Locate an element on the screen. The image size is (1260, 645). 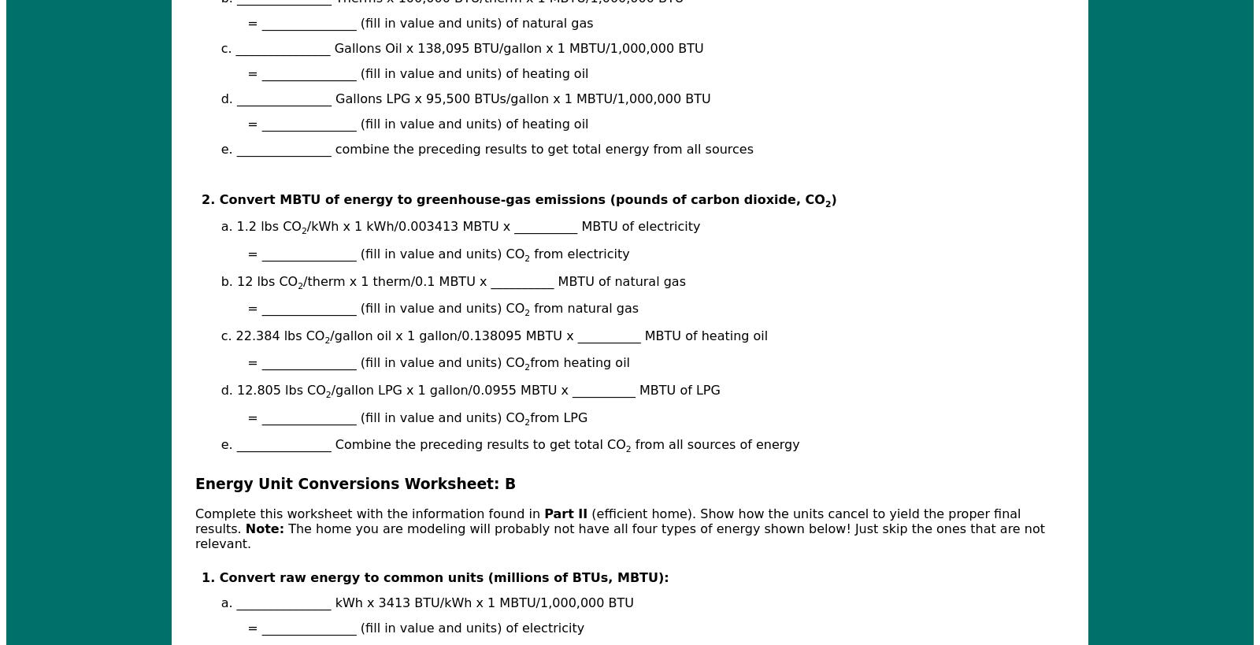
'The home you are modeling will probably not have all four types of energy shown below!  Just skip the ones that are 
not relevant.' is located at coordinates (620, 536).